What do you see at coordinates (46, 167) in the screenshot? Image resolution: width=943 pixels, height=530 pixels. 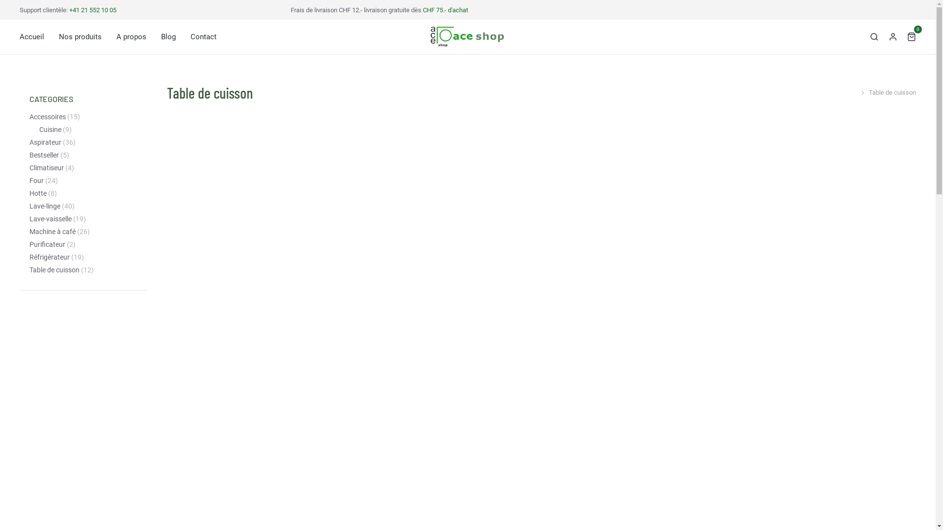 I see `'Climatiseur'` at bounding box center [46, 167].